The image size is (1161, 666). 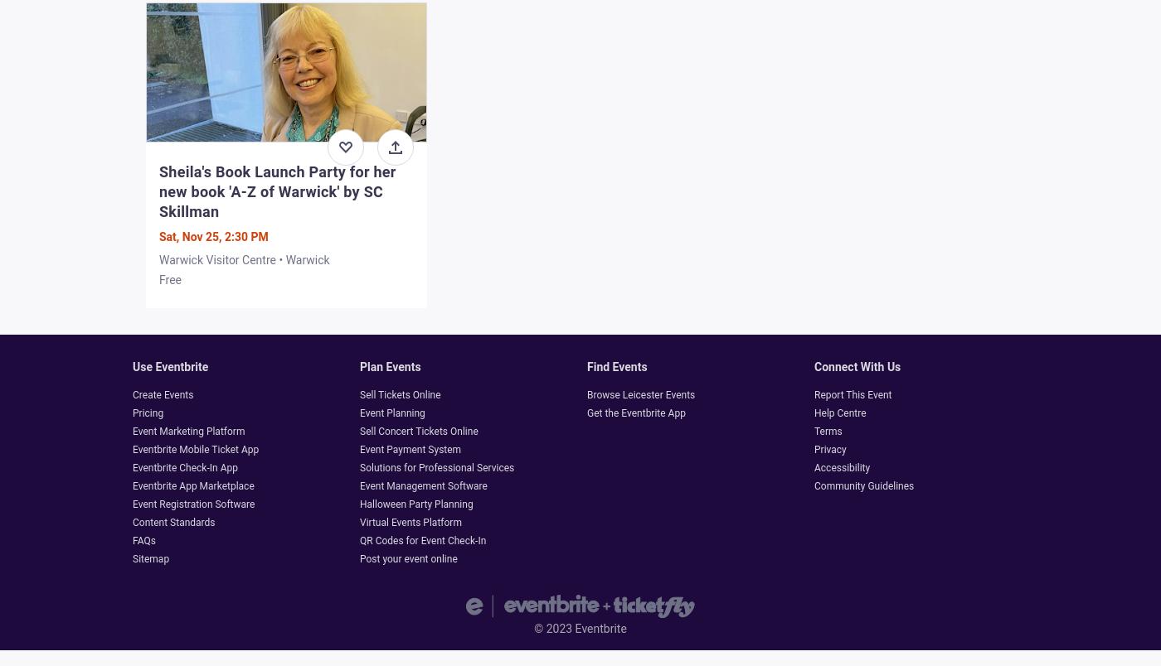 What do you see at coordinates (192, 485) in the screenshot?
I see `'Eventbrite App Marketplace'` at bounding box center [192, 485].